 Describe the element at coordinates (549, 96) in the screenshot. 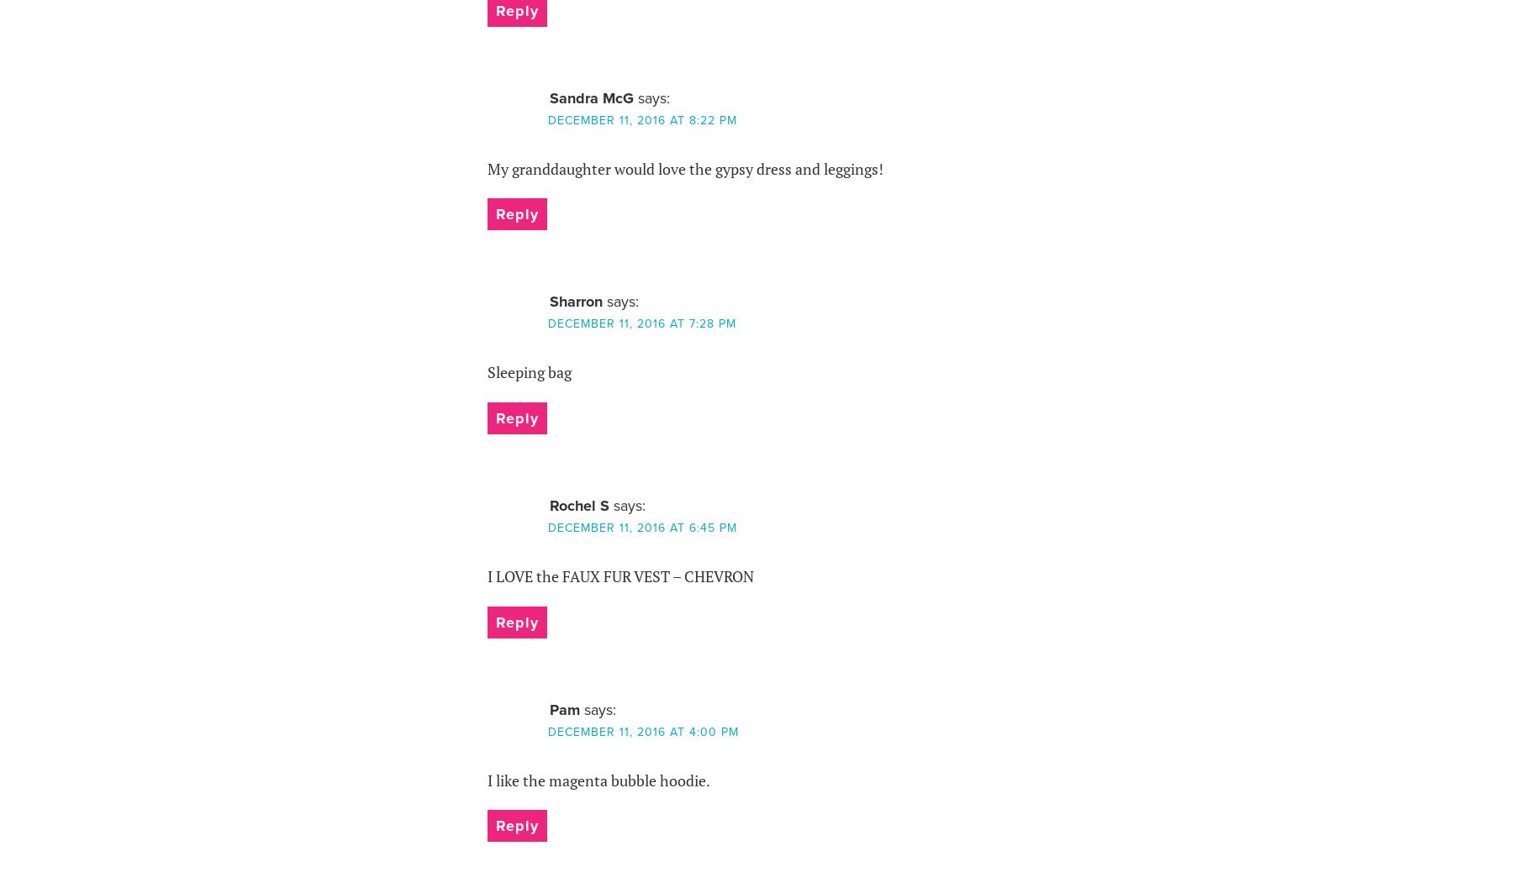

I see `'Sandra McG'` at that location.